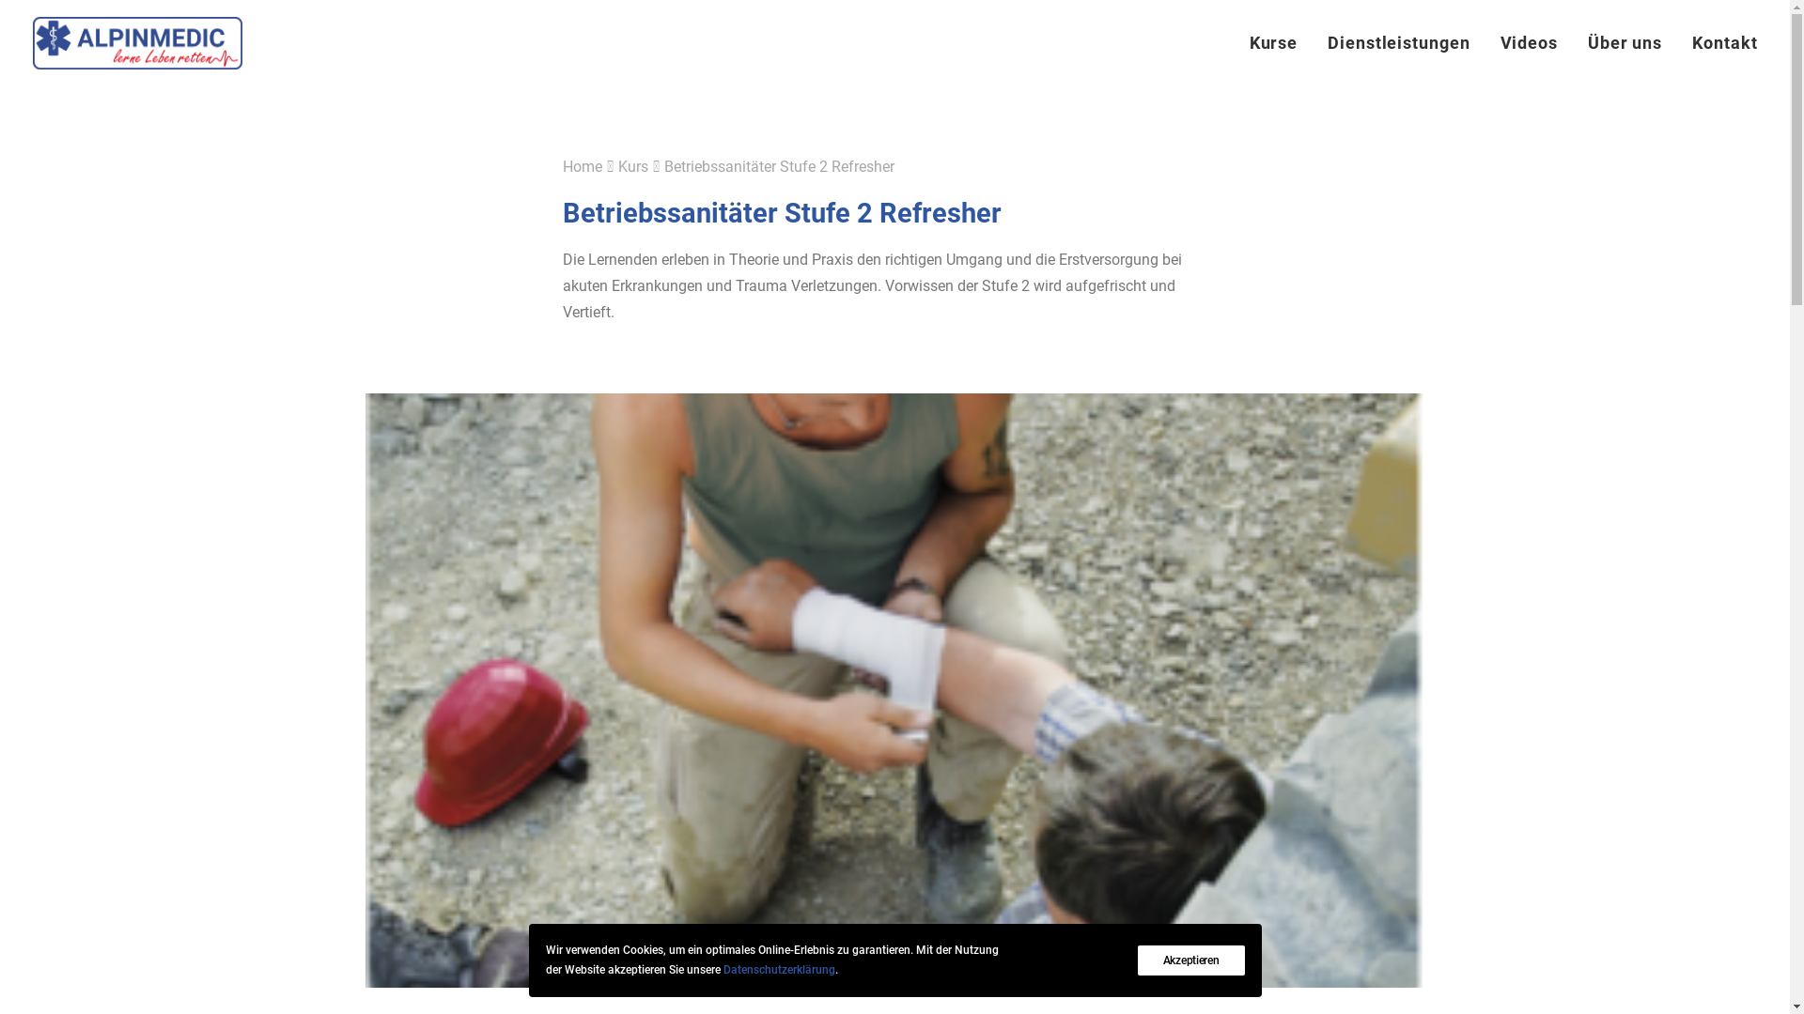  Describe the element at coordinates (1280, 42) in the screenshot. I see `'Kurse'` at that location.